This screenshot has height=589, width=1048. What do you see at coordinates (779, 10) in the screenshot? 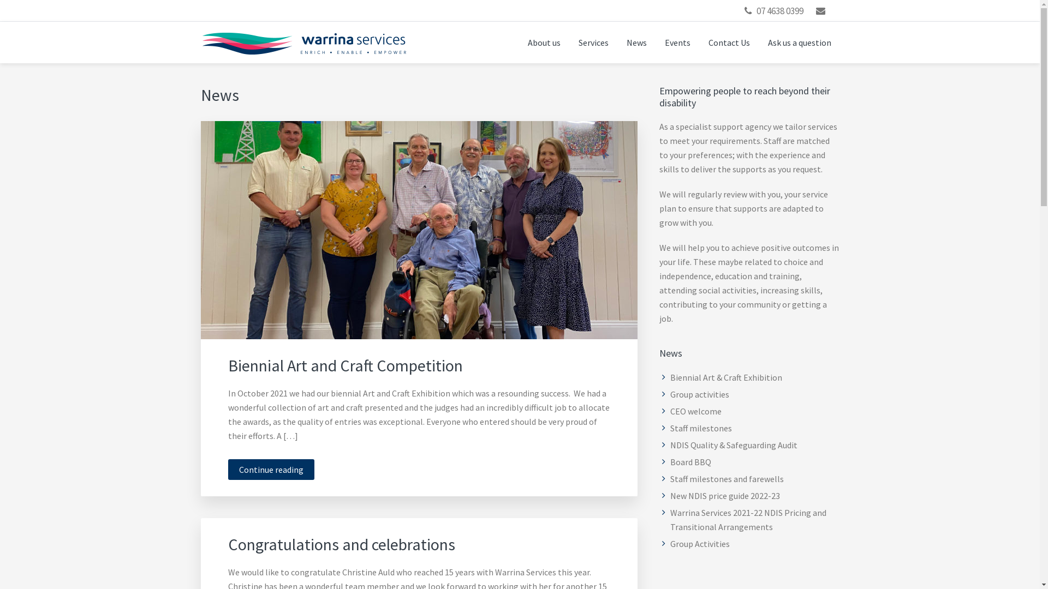
I see `'07 4638 0399'` at bounding box center [779, 10].